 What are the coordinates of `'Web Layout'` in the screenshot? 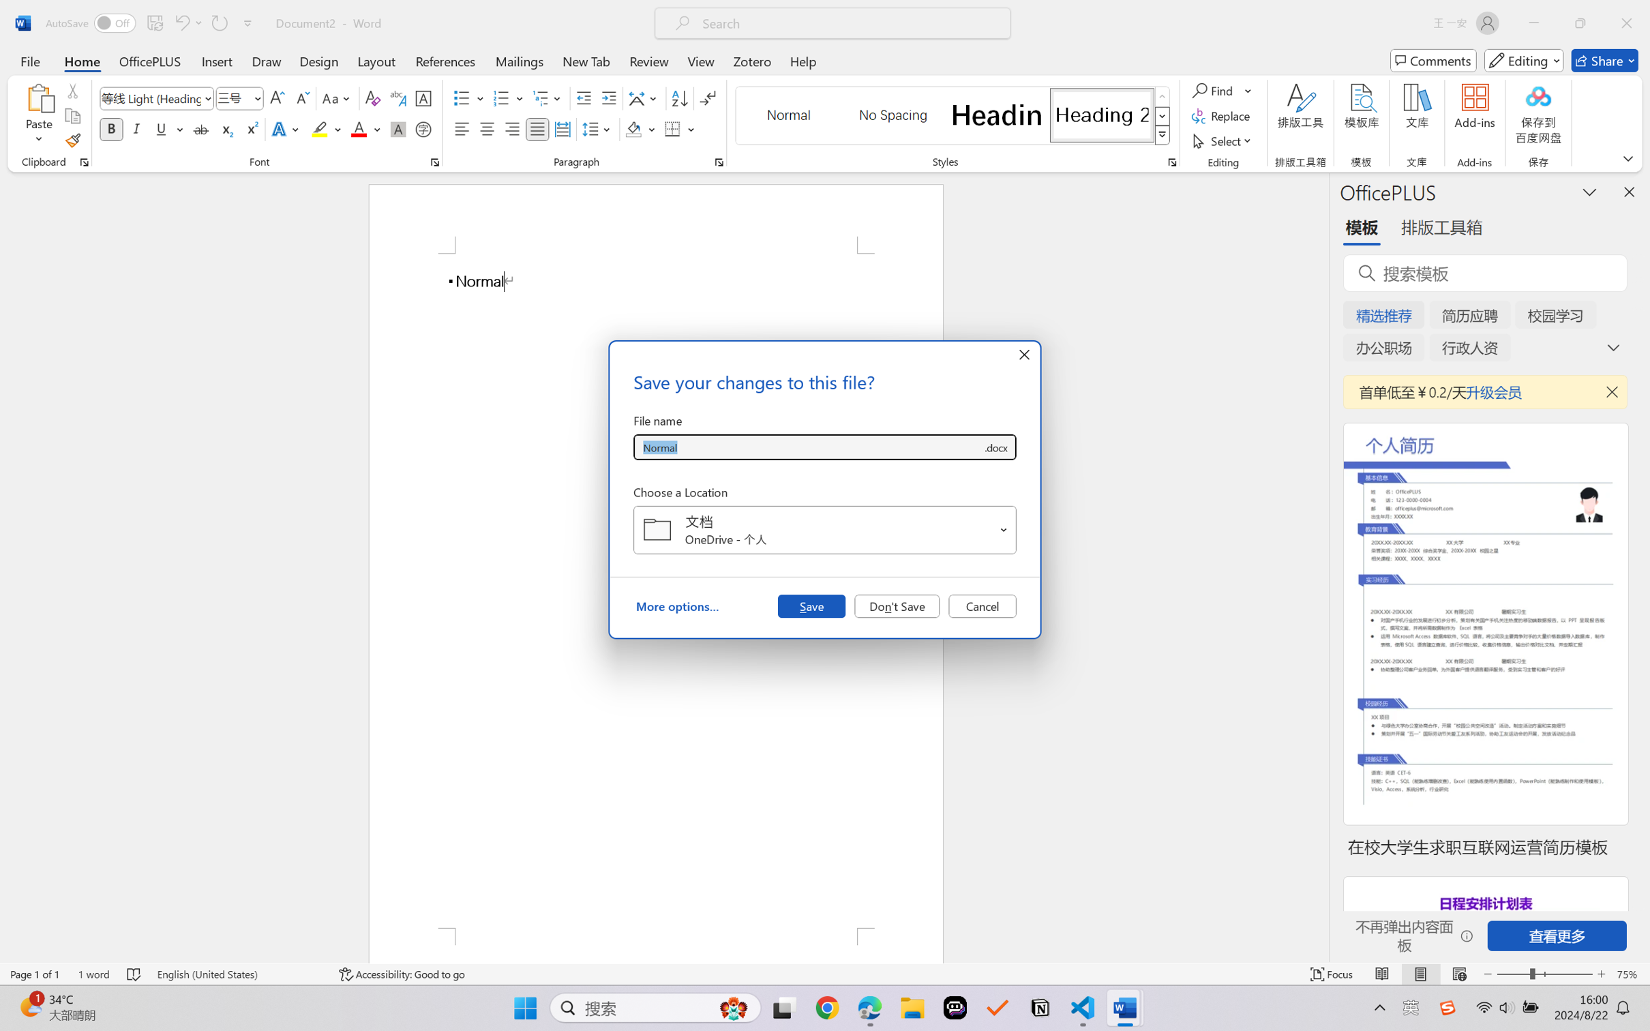 It's located at (1458, 974).